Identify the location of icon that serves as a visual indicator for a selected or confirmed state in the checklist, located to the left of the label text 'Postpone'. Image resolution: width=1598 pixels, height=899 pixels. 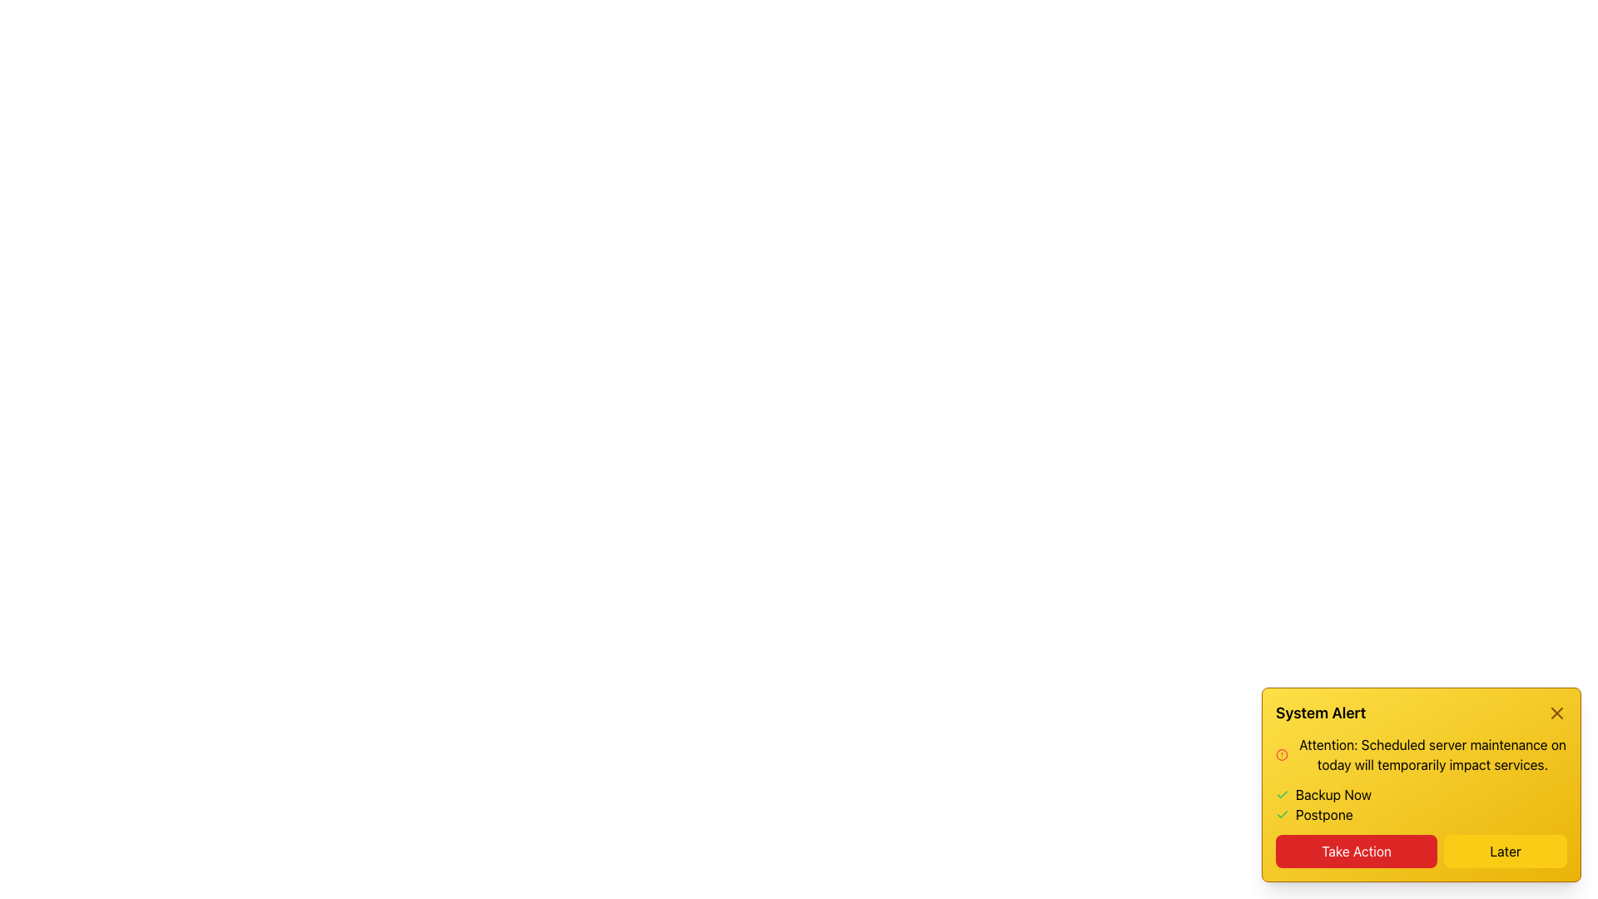
(1281, 814).